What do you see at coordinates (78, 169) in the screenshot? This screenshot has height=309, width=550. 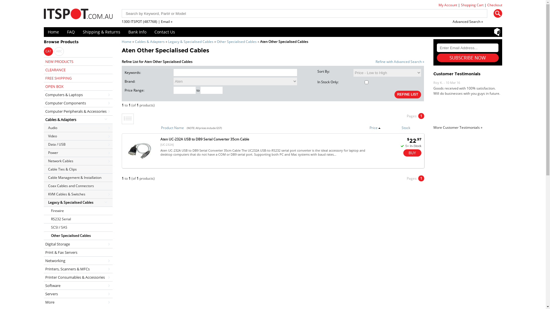 I see `'Cable Ties & Clips'` at bounding box center [78, 169].